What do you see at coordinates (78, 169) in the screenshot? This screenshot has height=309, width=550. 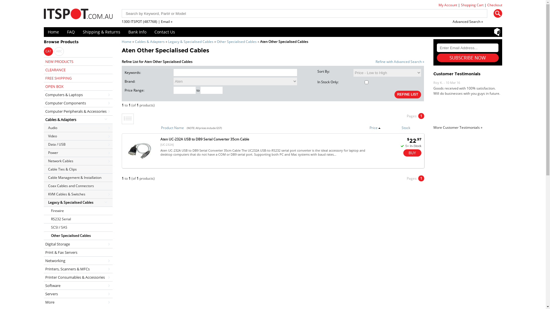 I see `'Cable Ties & Clips'` at bounding box center [78, 169].